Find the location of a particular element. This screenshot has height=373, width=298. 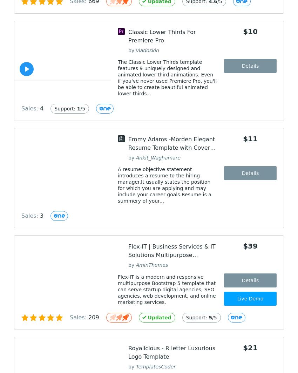

'Flex-IT is a modern and responsive multipurpose Bootstrap 5 template that can serve startup digital agencies, SEO agencies, web development, and online marketing services.' is located at coordinates (167, 289).